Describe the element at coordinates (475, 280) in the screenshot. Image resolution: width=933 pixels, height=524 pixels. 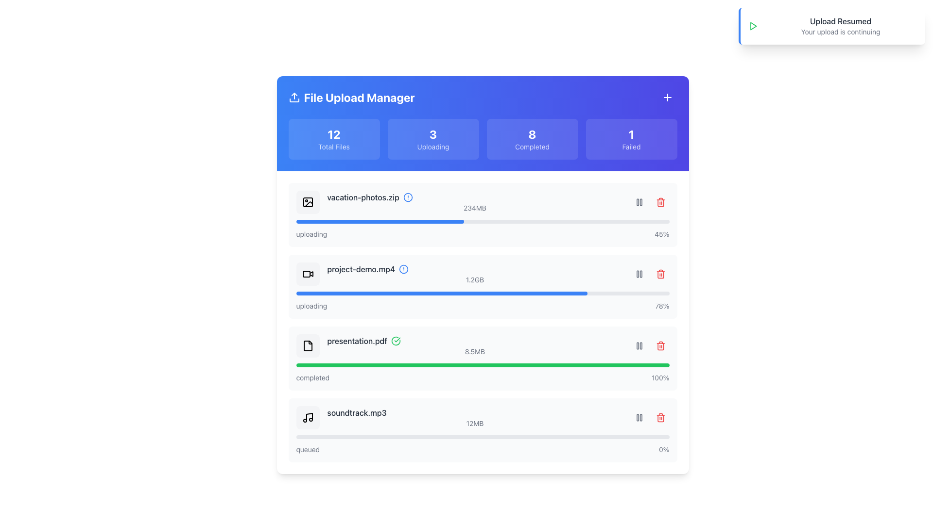
I see `the Text label that displays the file size (1.2GB) of the associated file ('project-demo.mp4') located at the bottom of the file upload manager interface` at that location.